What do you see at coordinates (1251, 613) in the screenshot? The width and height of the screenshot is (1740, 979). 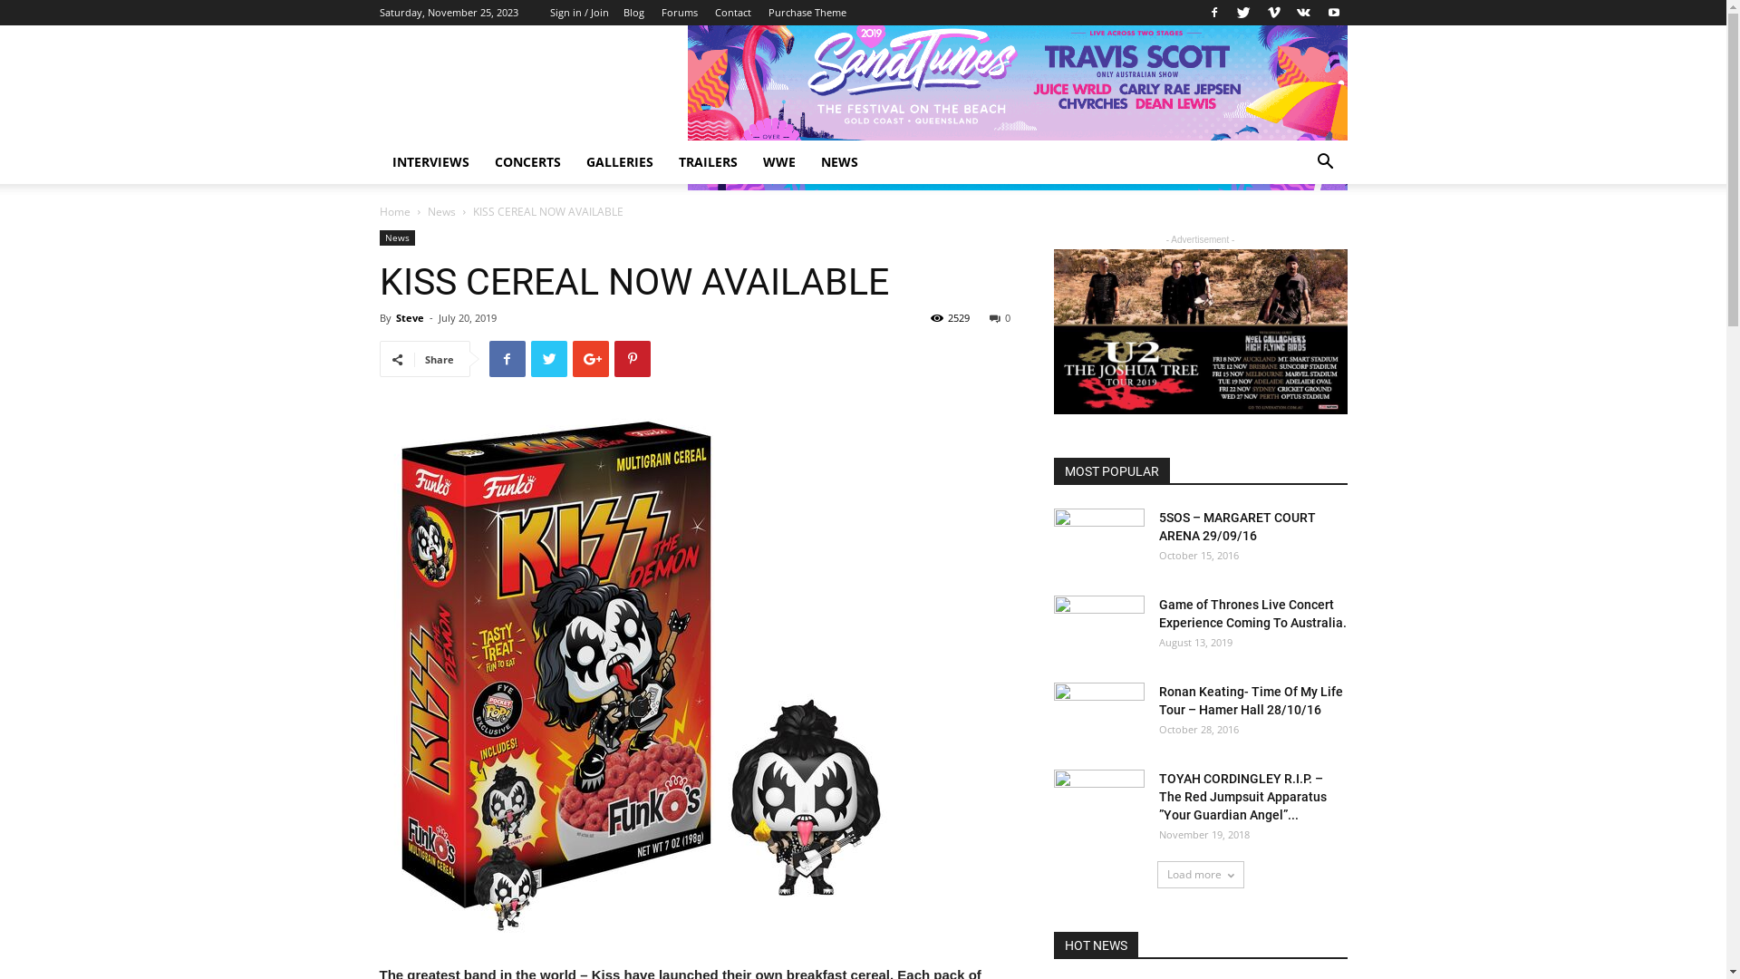 I see `'Game of Thrones Live Concert Experience Coming To Australia.'` at bounding box center [1251, 613].